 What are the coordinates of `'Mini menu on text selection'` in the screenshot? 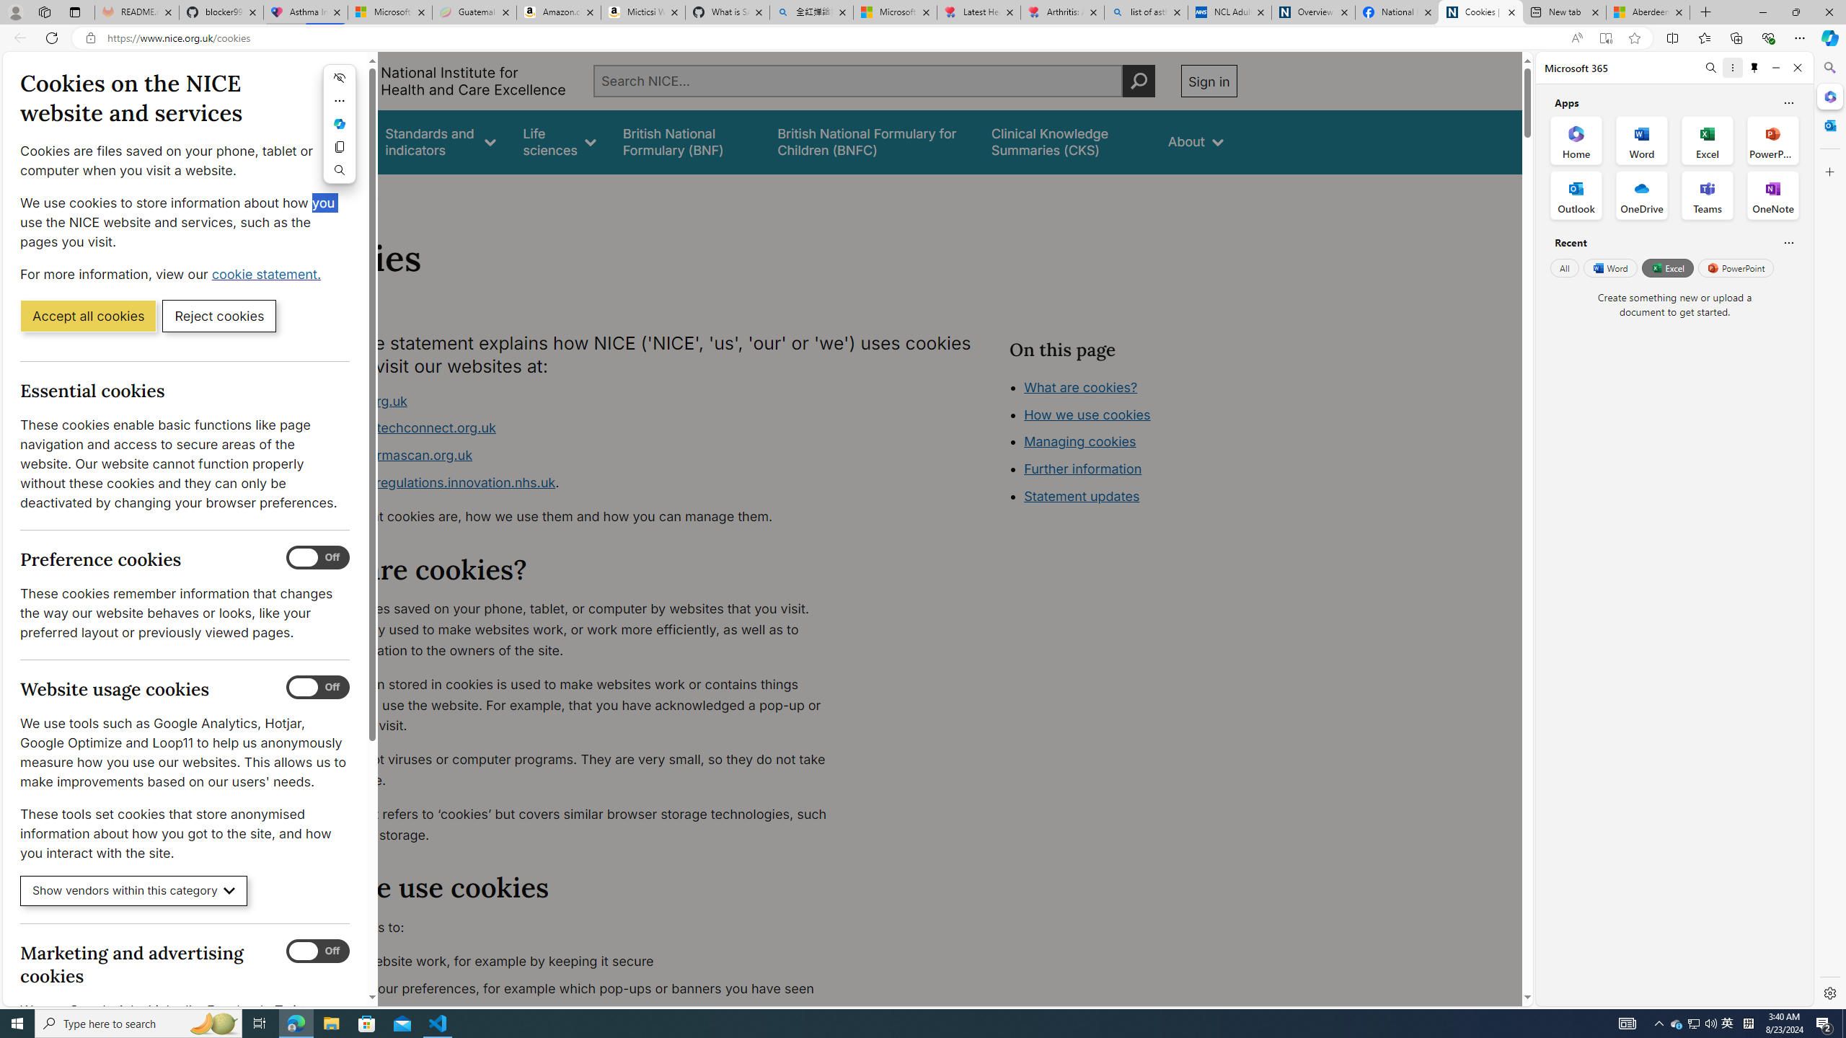 It's located at (339, 123).